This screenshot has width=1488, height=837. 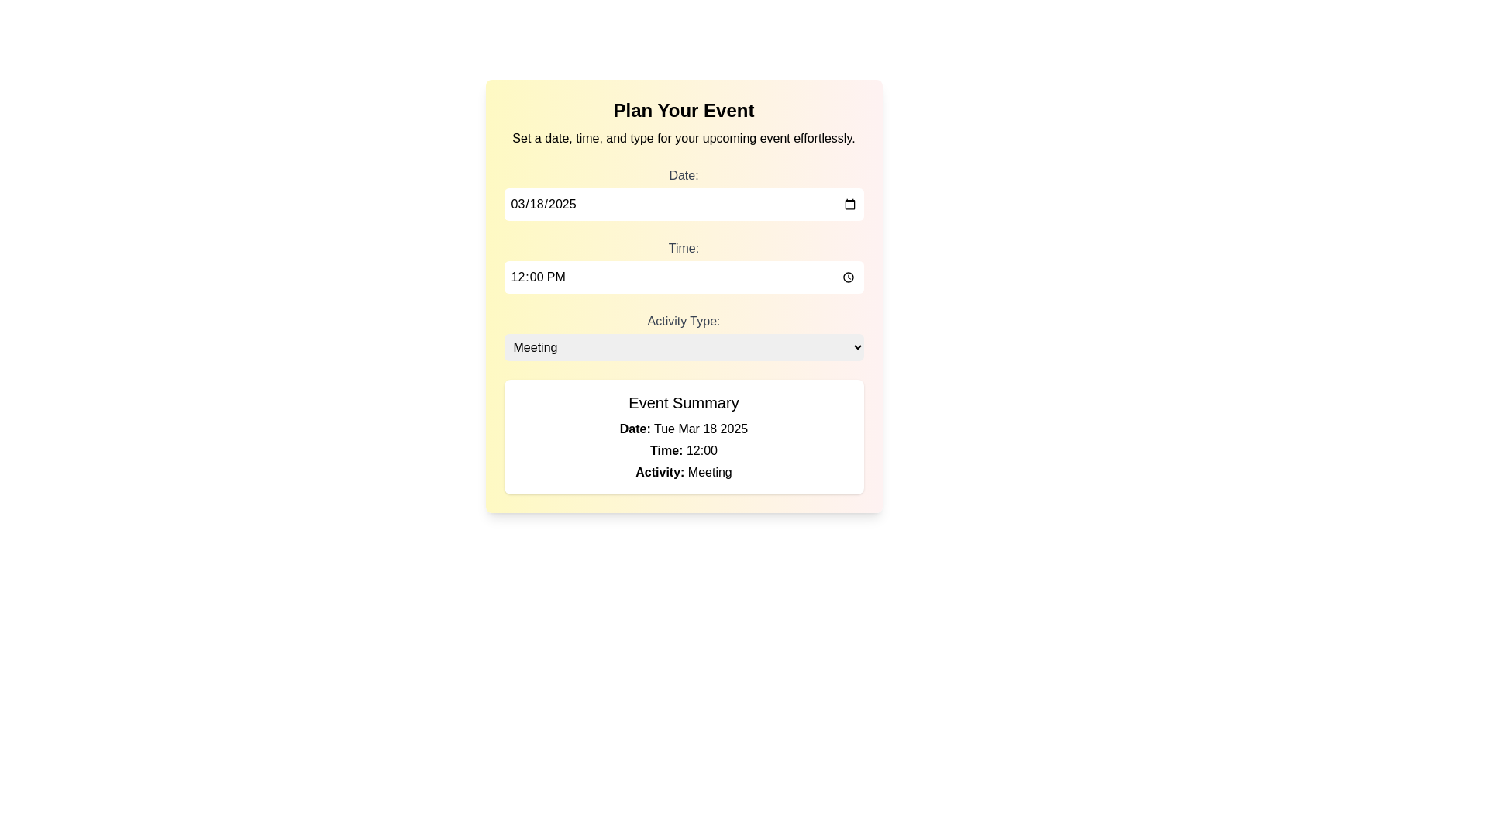 What do you see at coordinates (683, 137) in the screenshot?
I see `the static text that says 'Set a date, time, and type for your upcoming event effortlessly.', located below the bold heading 'Plan Your Event'` at bounding box center [683, 137].